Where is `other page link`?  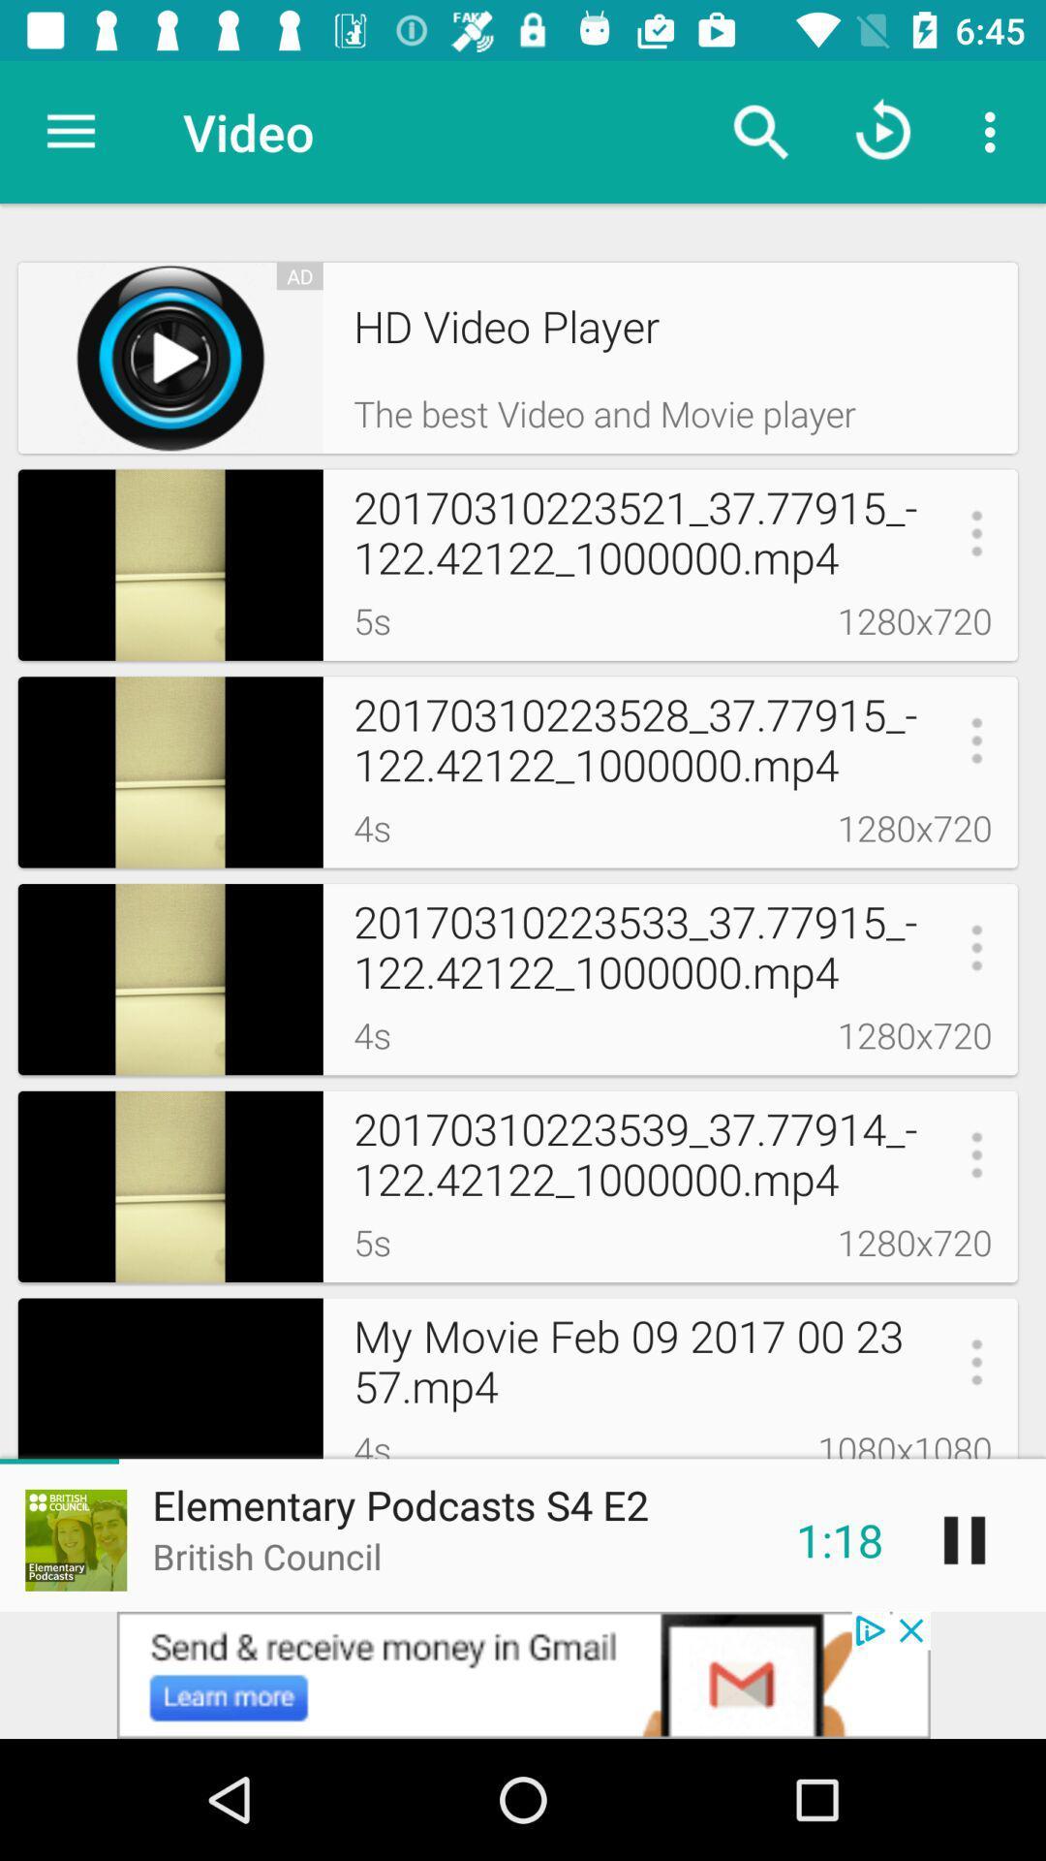 other page link is located at coordinates (523, 1674).